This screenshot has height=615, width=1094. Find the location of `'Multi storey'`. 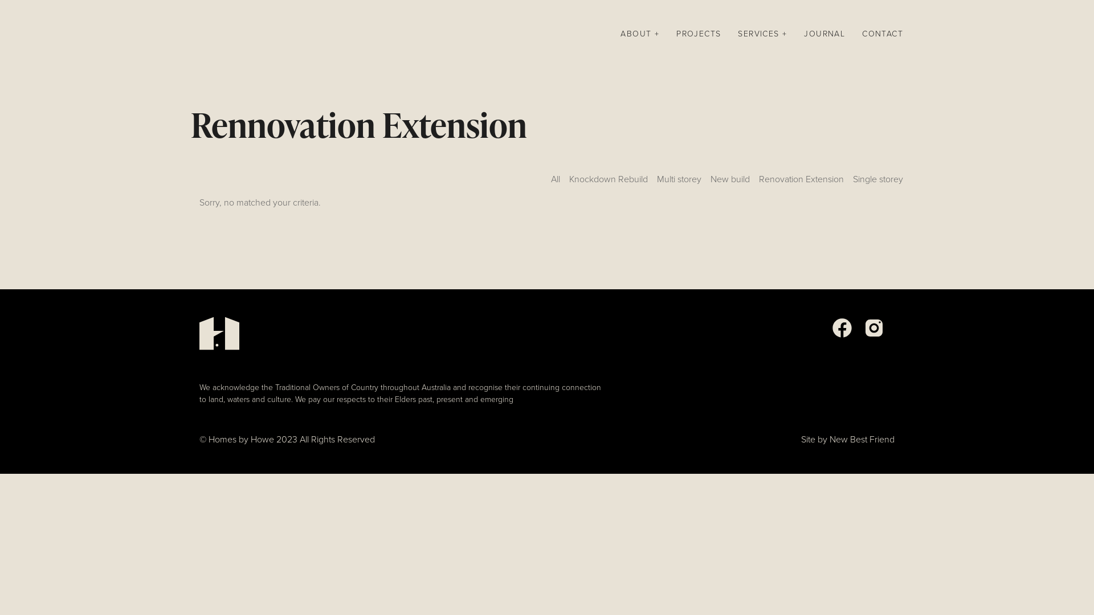

'Multi storey' is located at coordinates (679, 182).